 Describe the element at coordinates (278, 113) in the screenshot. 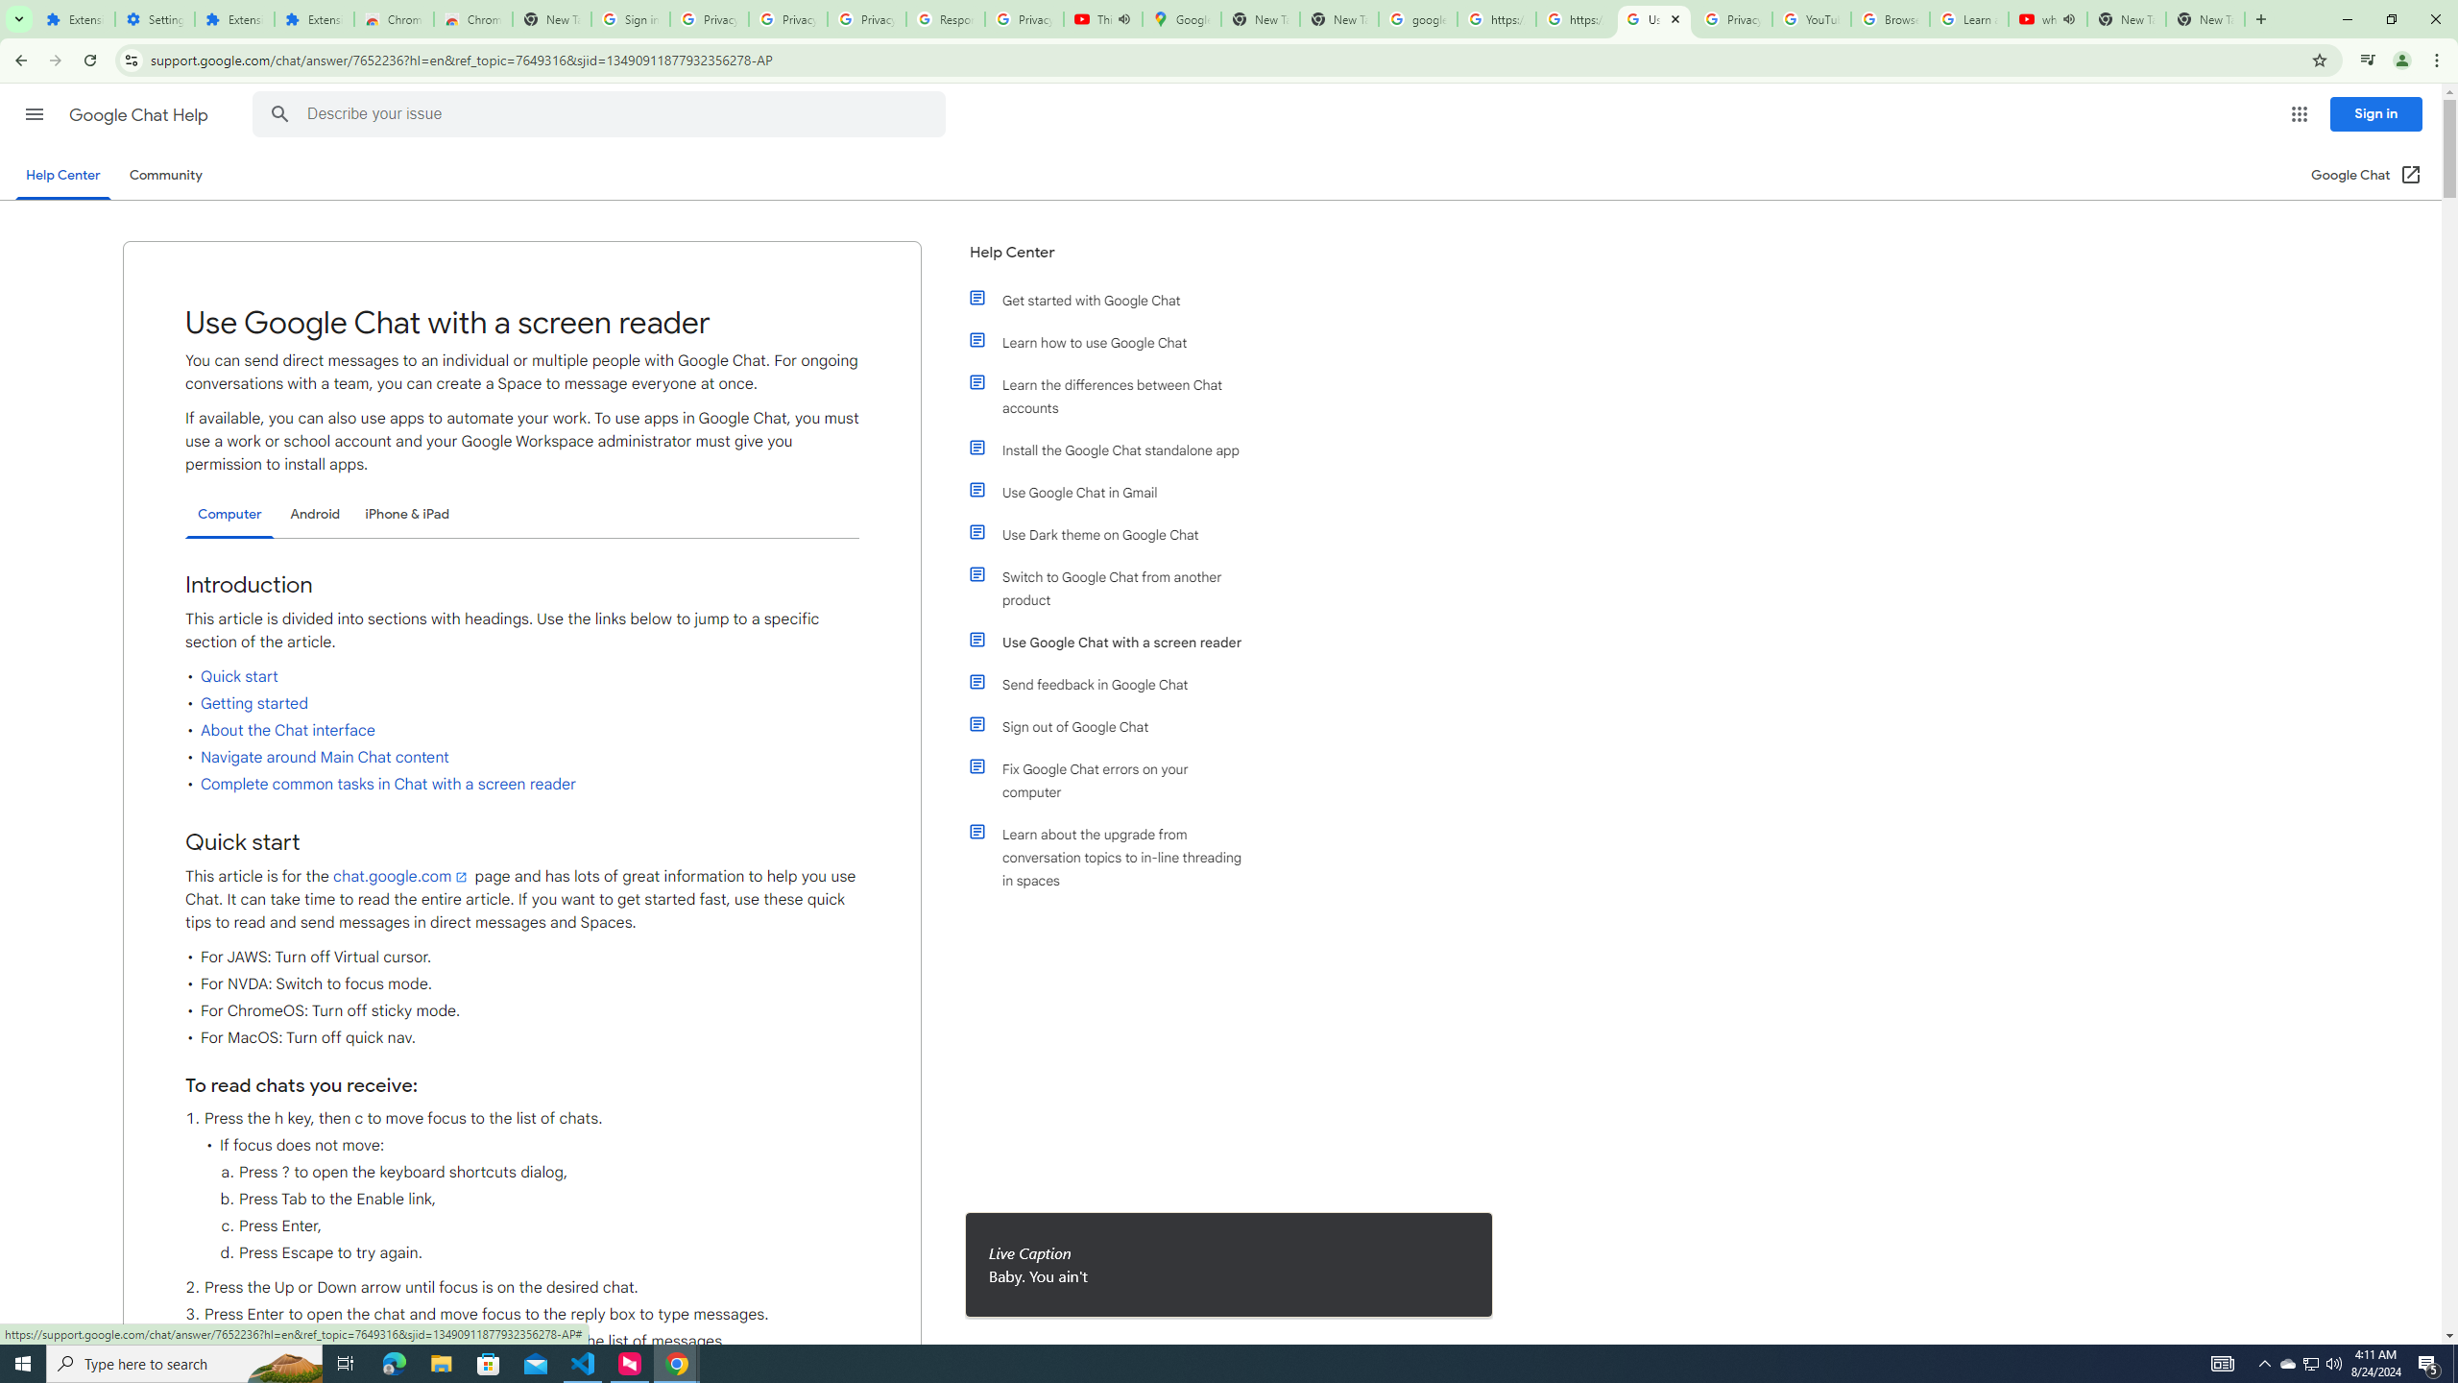

I see `'Search Help Center'` at that location.